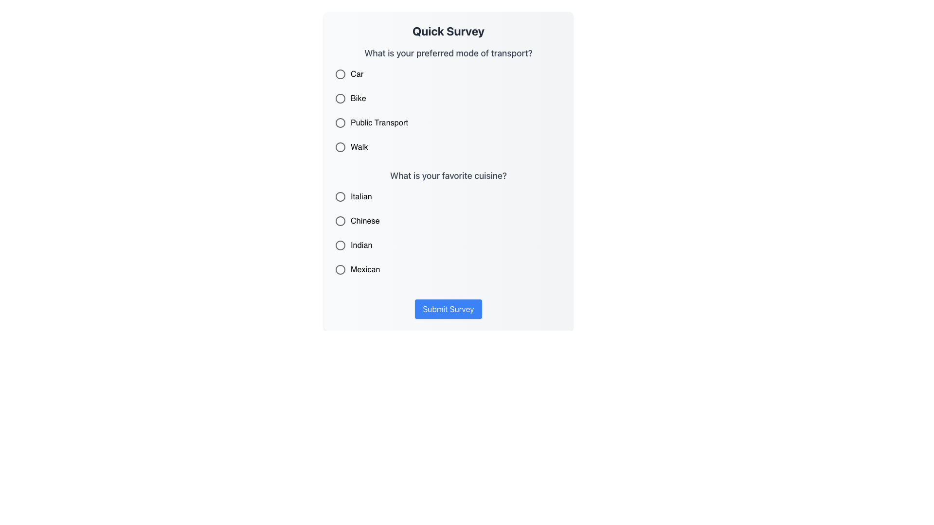 Image resolution: width=934 pixels, height=525 pixels. I want to click on the radio button indicating 'Indian' in the user survey interface by moving the cursor to its center point, so click(341, 245).